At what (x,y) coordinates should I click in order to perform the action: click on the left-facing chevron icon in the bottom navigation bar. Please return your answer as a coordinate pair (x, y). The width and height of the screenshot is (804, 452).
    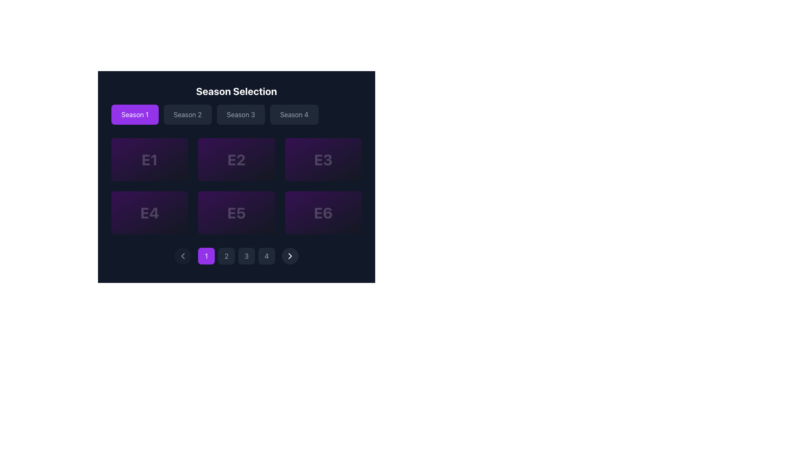
    Looking at the image, I should click on (182, 256).